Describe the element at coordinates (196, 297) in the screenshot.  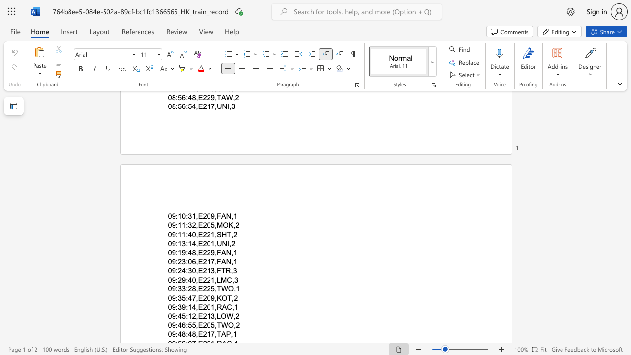
I see `the subset text ",E209,K" within the text "09:35:47,E209,KOT,2"` at that location.